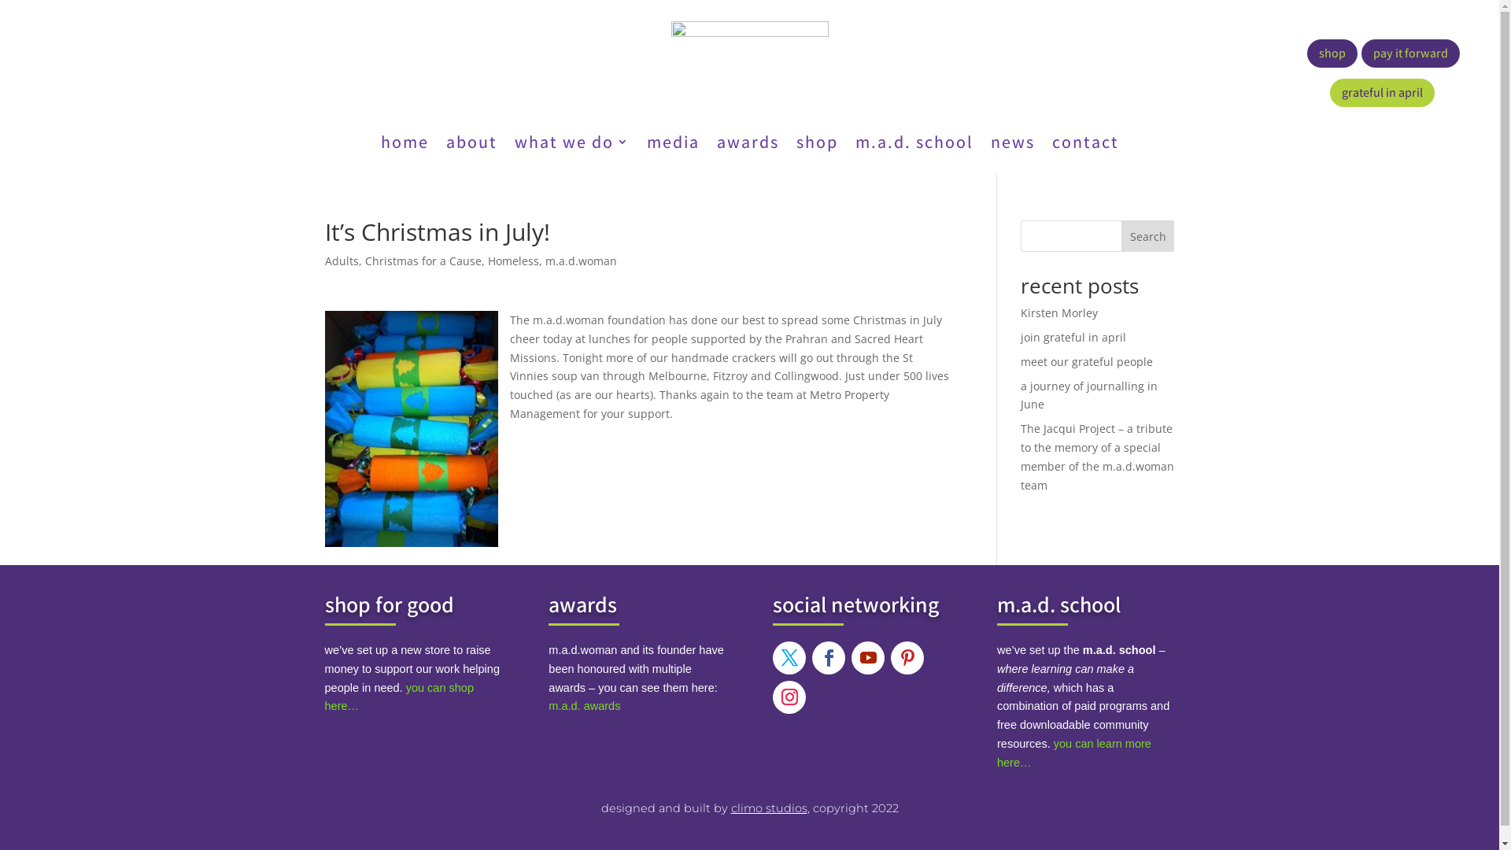 Image resolution: width=1511 pixels, height=850 pixels. I want to click on 'madlogosm.fw_1', so click(670, 56).